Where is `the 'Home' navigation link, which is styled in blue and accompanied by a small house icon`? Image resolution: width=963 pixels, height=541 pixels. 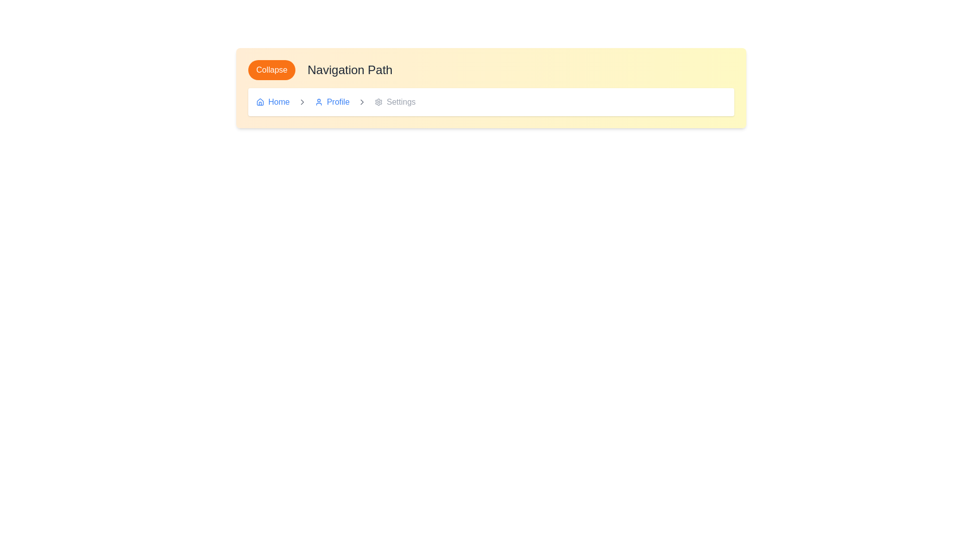 the 'Home' navigation link, which is styled in blue and accompanied by a small house icon is located at coordinates (273, 102).